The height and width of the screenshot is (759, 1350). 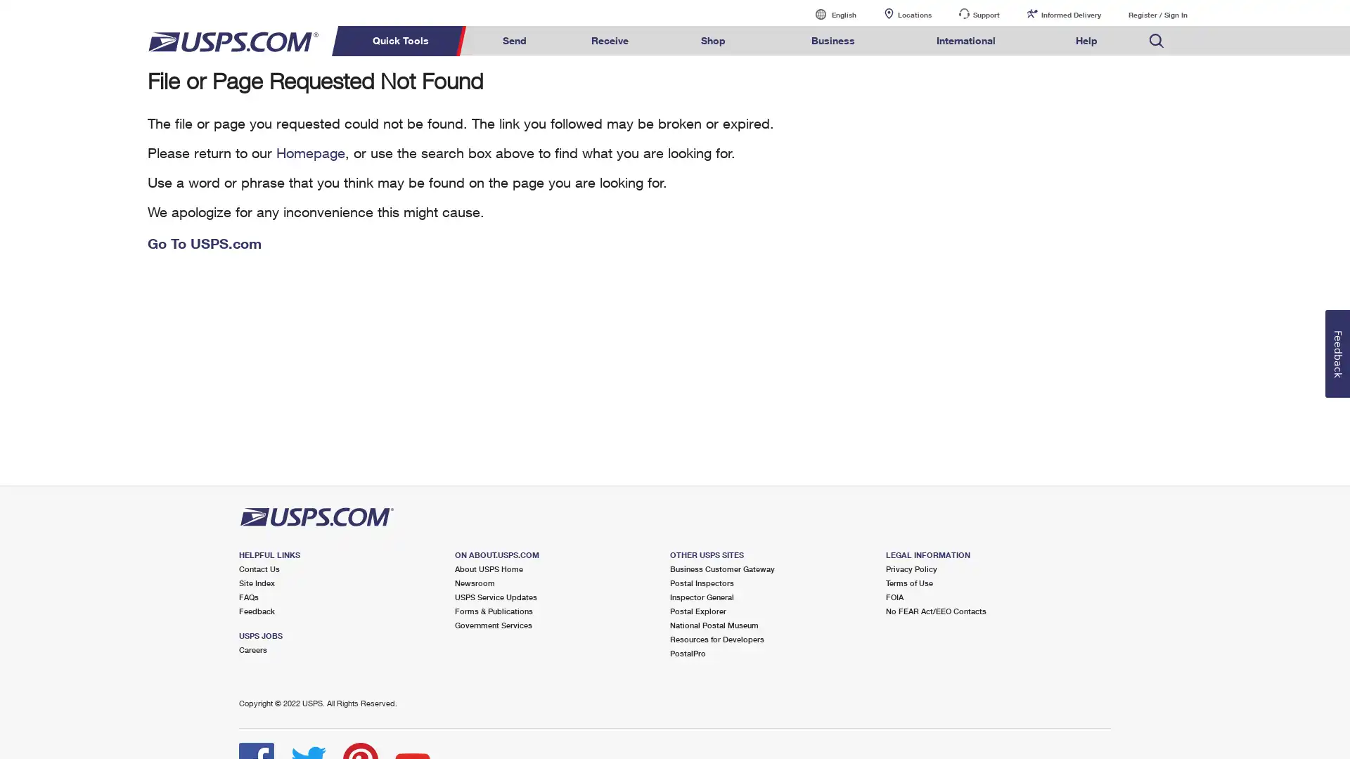 I want to click on Search, so click(x=967, y=430).